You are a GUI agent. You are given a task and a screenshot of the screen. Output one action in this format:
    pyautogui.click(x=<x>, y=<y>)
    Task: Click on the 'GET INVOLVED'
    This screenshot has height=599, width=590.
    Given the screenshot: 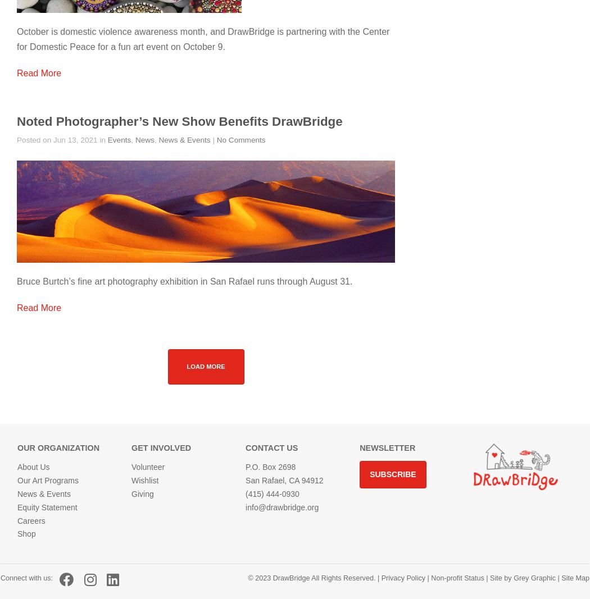 What is the action you would take?
    pyautogui.click(x=131, y=447)
    